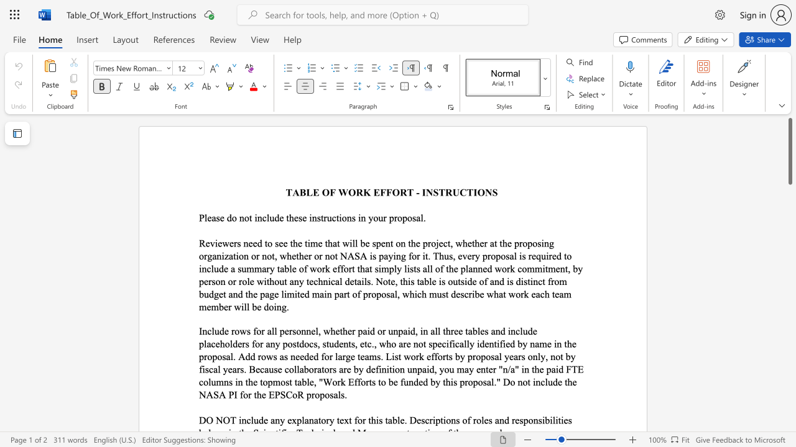 The image size is (796, 447). Describe the element at coordinates (789, 427) in the screenshot. I see `the scrollbar on the right to shift the page lower` at that location.